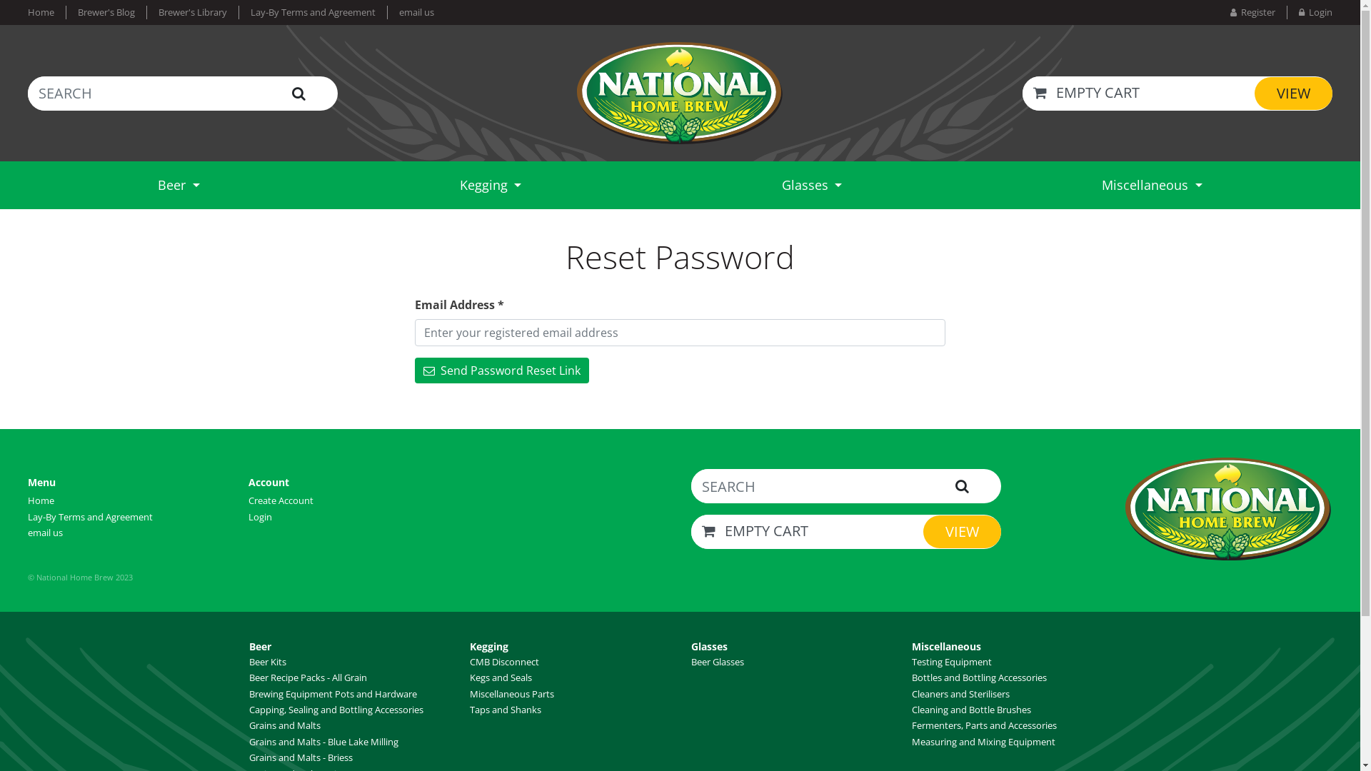  I want to click on 'Home', so click(41, 500).